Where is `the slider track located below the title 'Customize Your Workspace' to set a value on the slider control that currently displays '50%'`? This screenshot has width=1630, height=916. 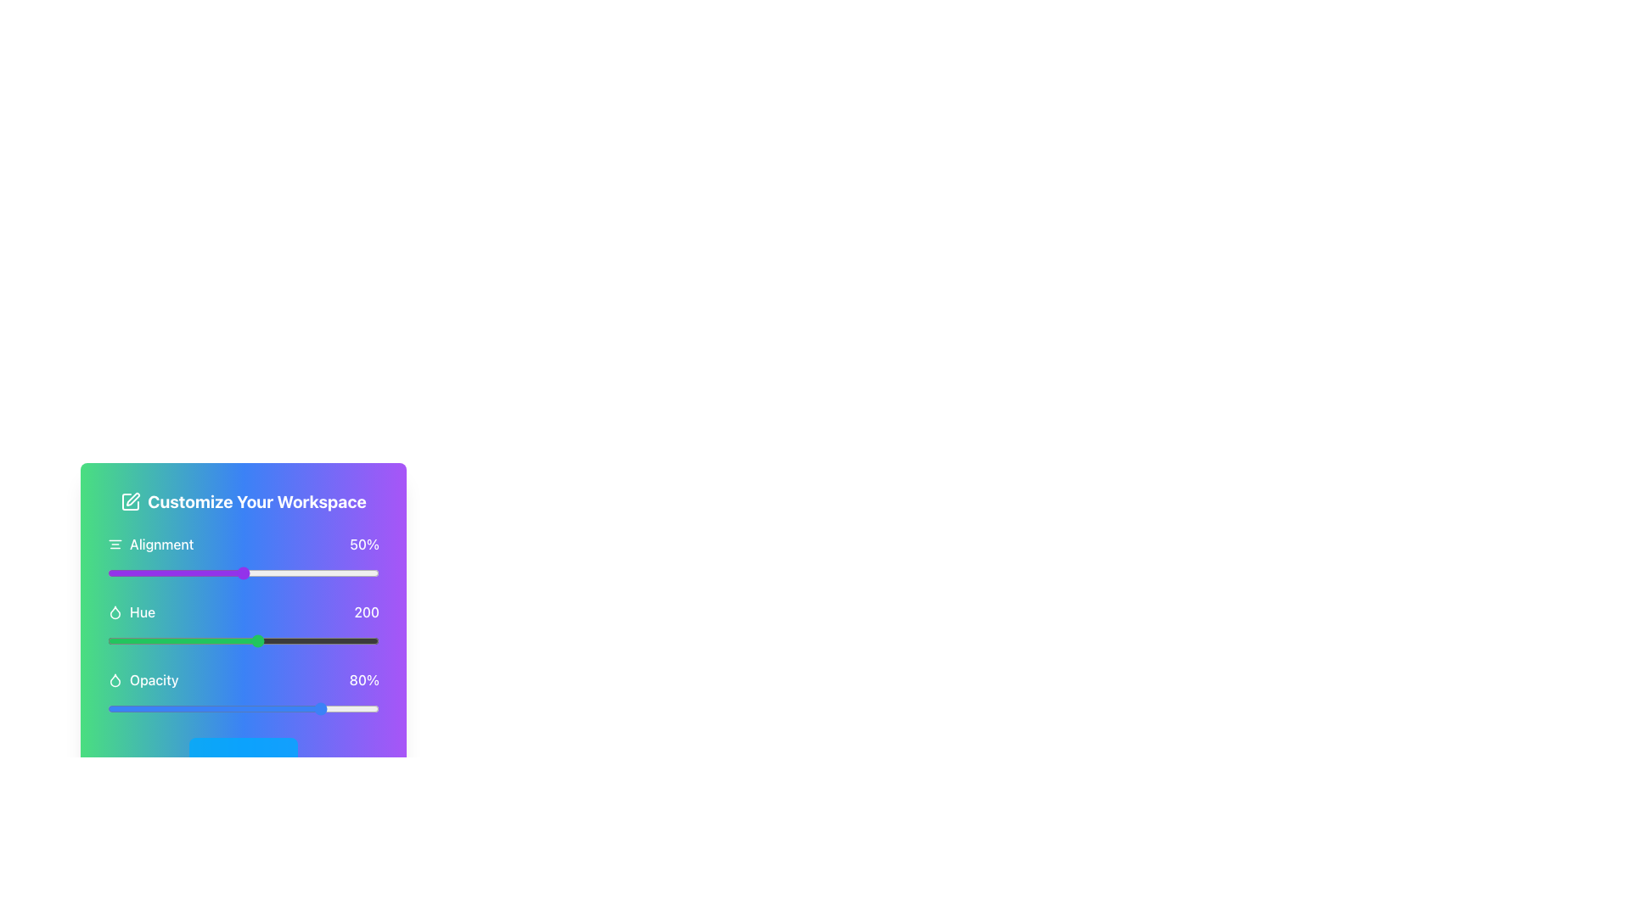
the slider track located below the title 'Customize Your Workspace' to set a value on the slider control that currently displays '50%' is located at coordinates (243, 558).